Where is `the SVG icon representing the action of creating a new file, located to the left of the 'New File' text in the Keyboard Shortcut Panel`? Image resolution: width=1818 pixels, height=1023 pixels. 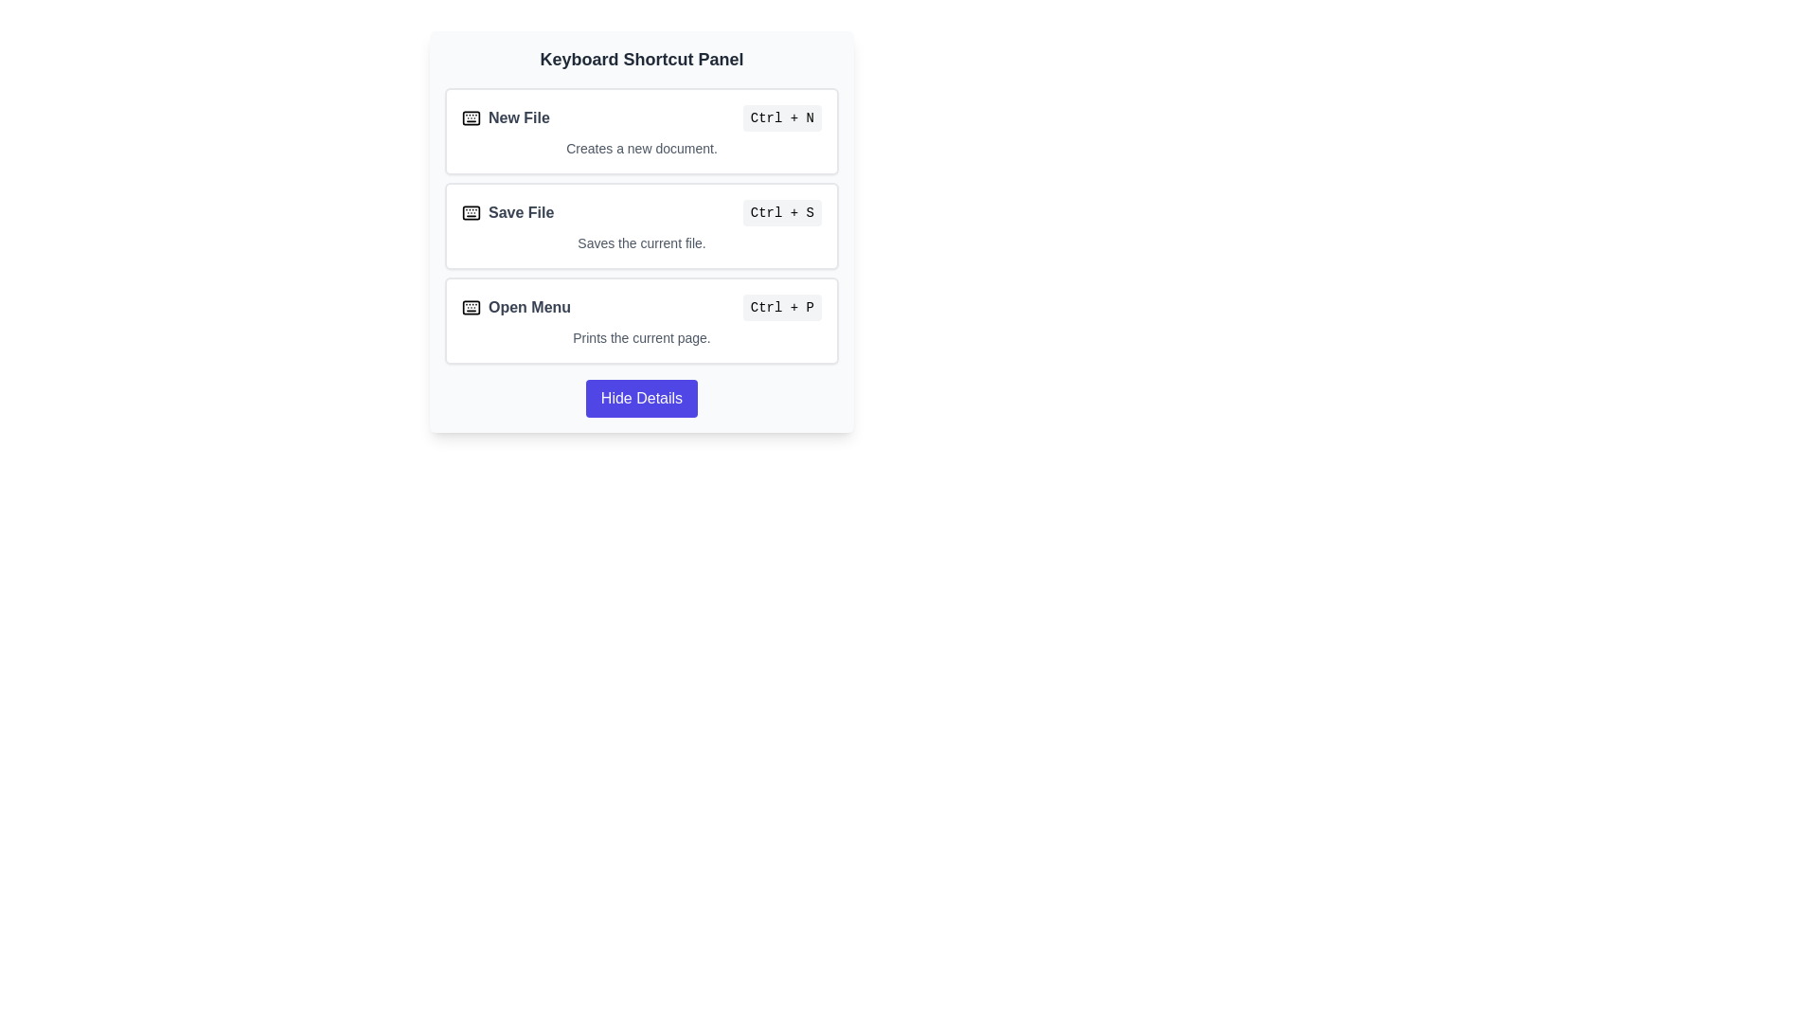 the SVG icon representing the action of creating a new file, located to the left of the 'New File' text in the Keyboard Shortcut Panel is located at coordinates (472, 117).